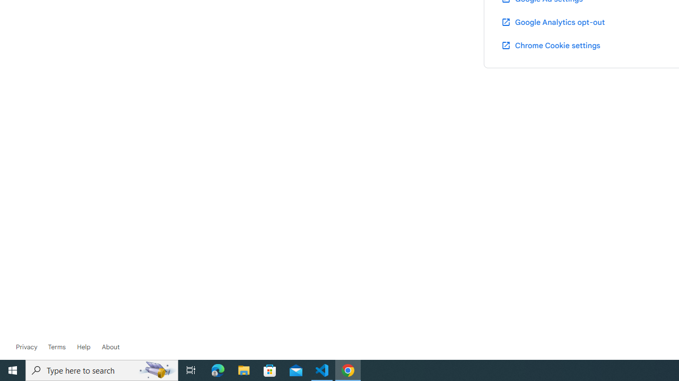  I want to click on 'Google Analytics opt-out', so click(552, 22).